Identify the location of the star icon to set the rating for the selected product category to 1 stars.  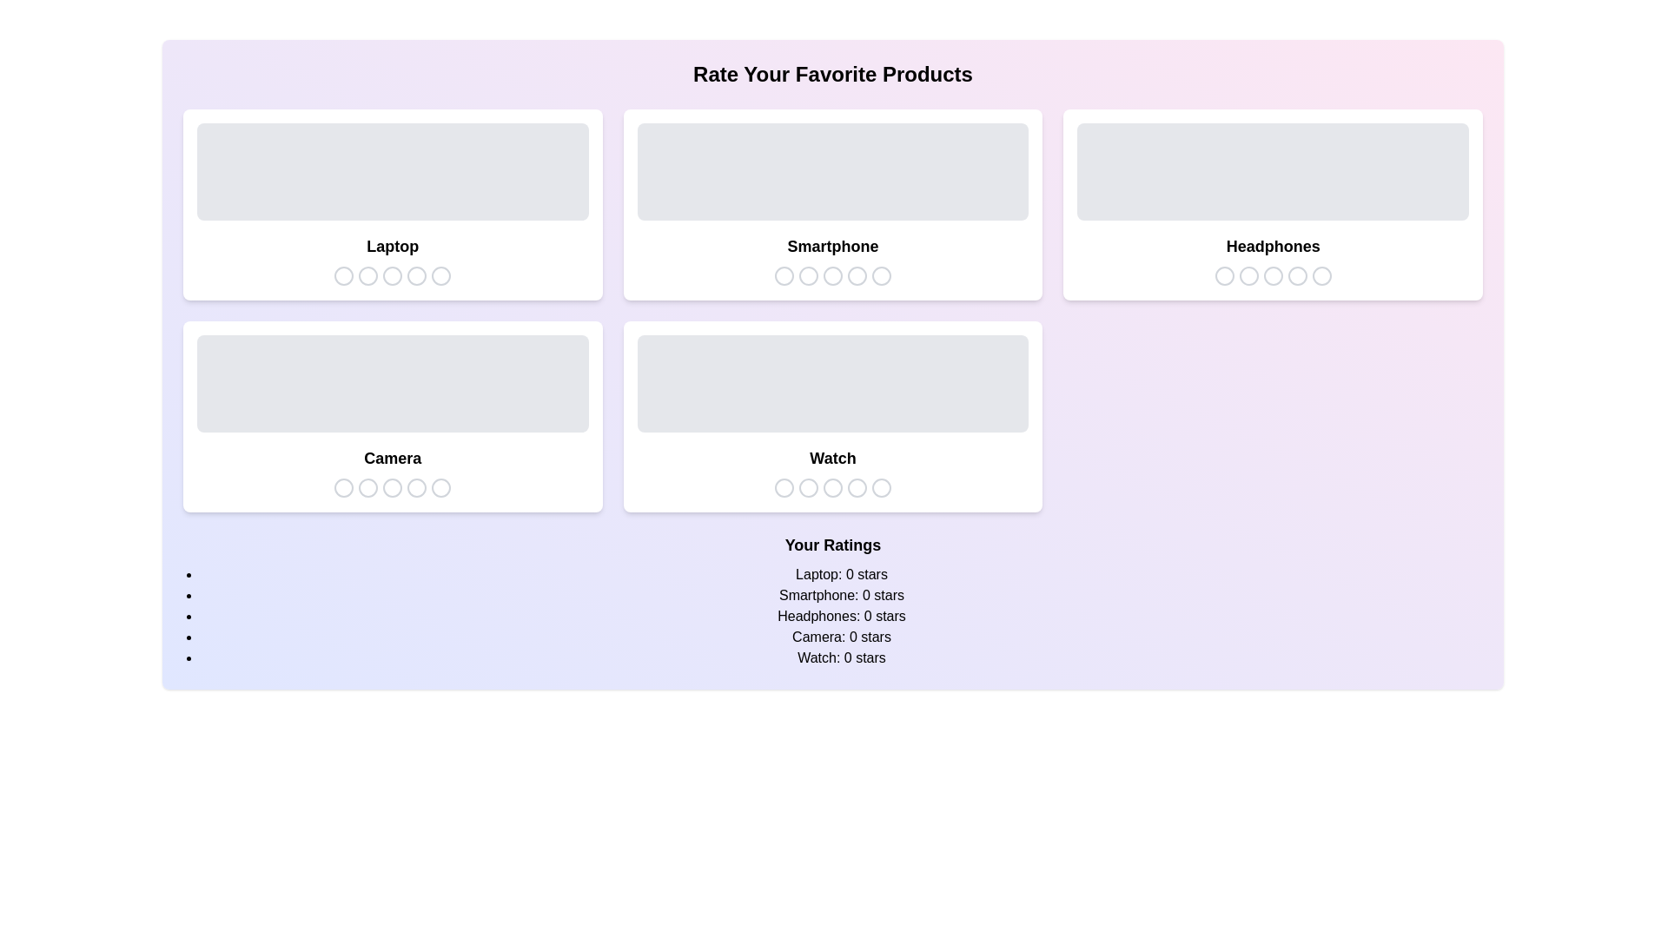
(344, 274).